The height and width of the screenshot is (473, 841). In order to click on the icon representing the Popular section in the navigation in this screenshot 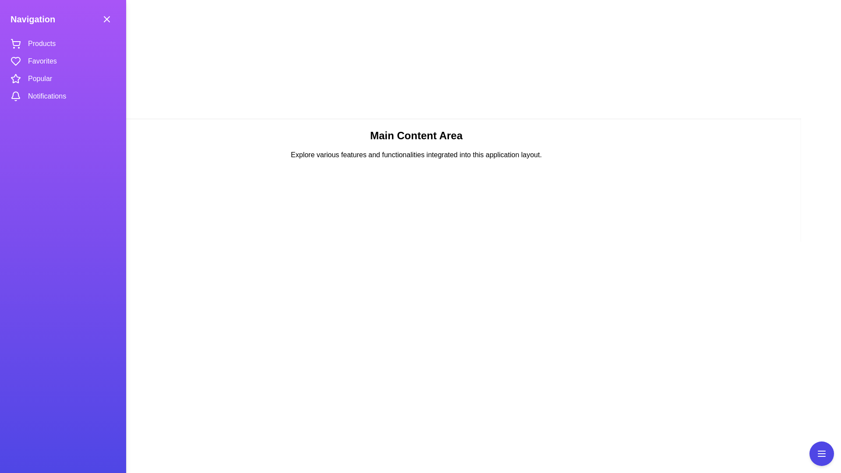, I will do `click(15, 79)`.